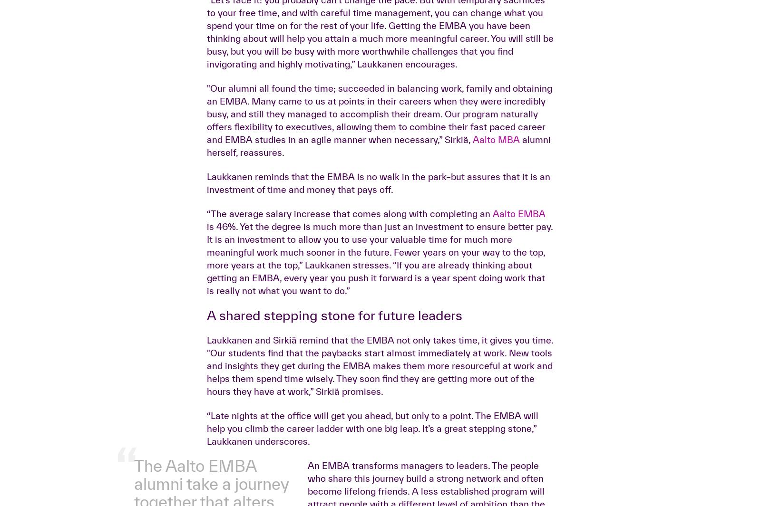 The height and width of the screenshot is (506, 761). I want to click on 'Aalto EMBA', so click(519, 363).